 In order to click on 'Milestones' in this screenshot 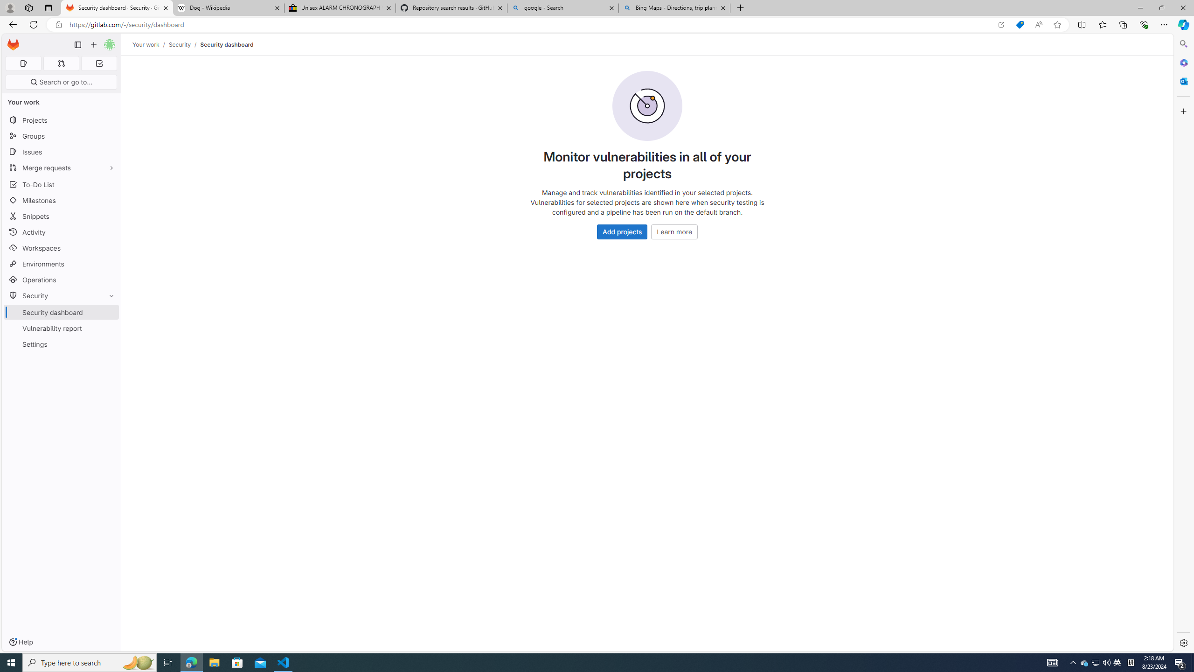, I will do `click(61, 200)`.